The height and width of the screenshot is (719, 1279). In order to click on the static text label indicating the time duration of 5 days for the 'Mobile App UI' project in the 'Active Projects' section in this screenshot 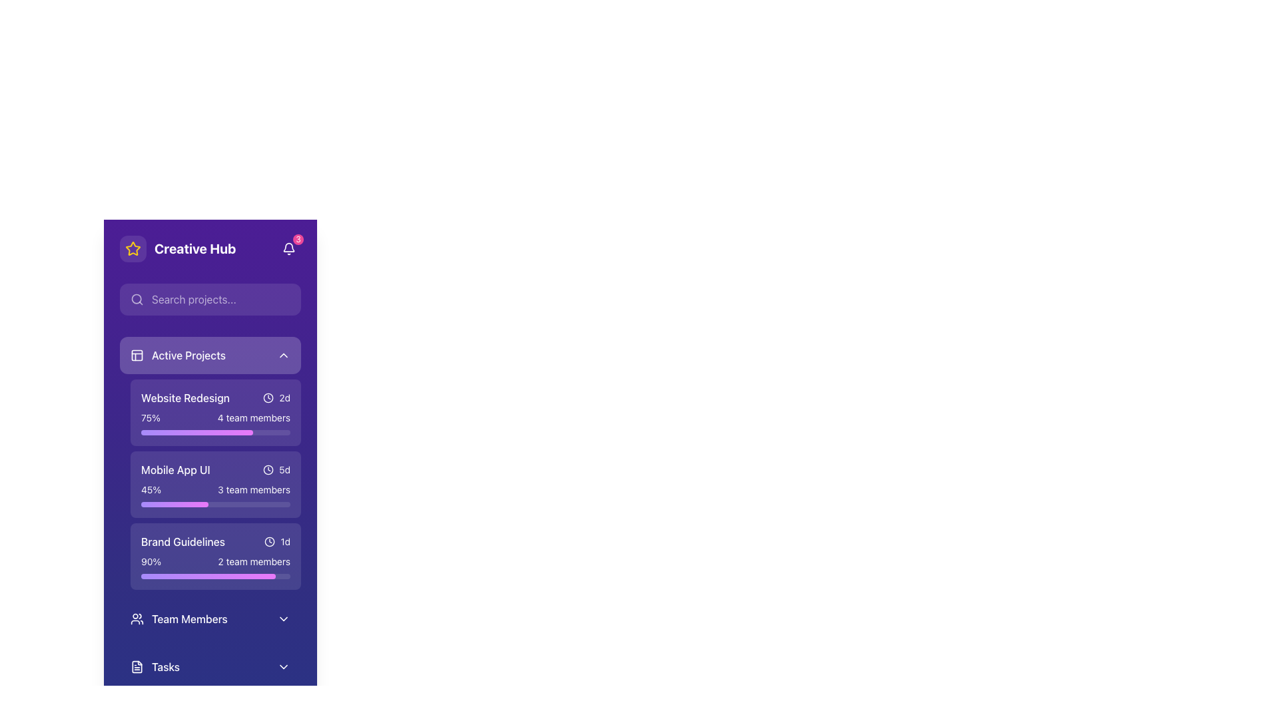, I will do `click(284, 469)`.